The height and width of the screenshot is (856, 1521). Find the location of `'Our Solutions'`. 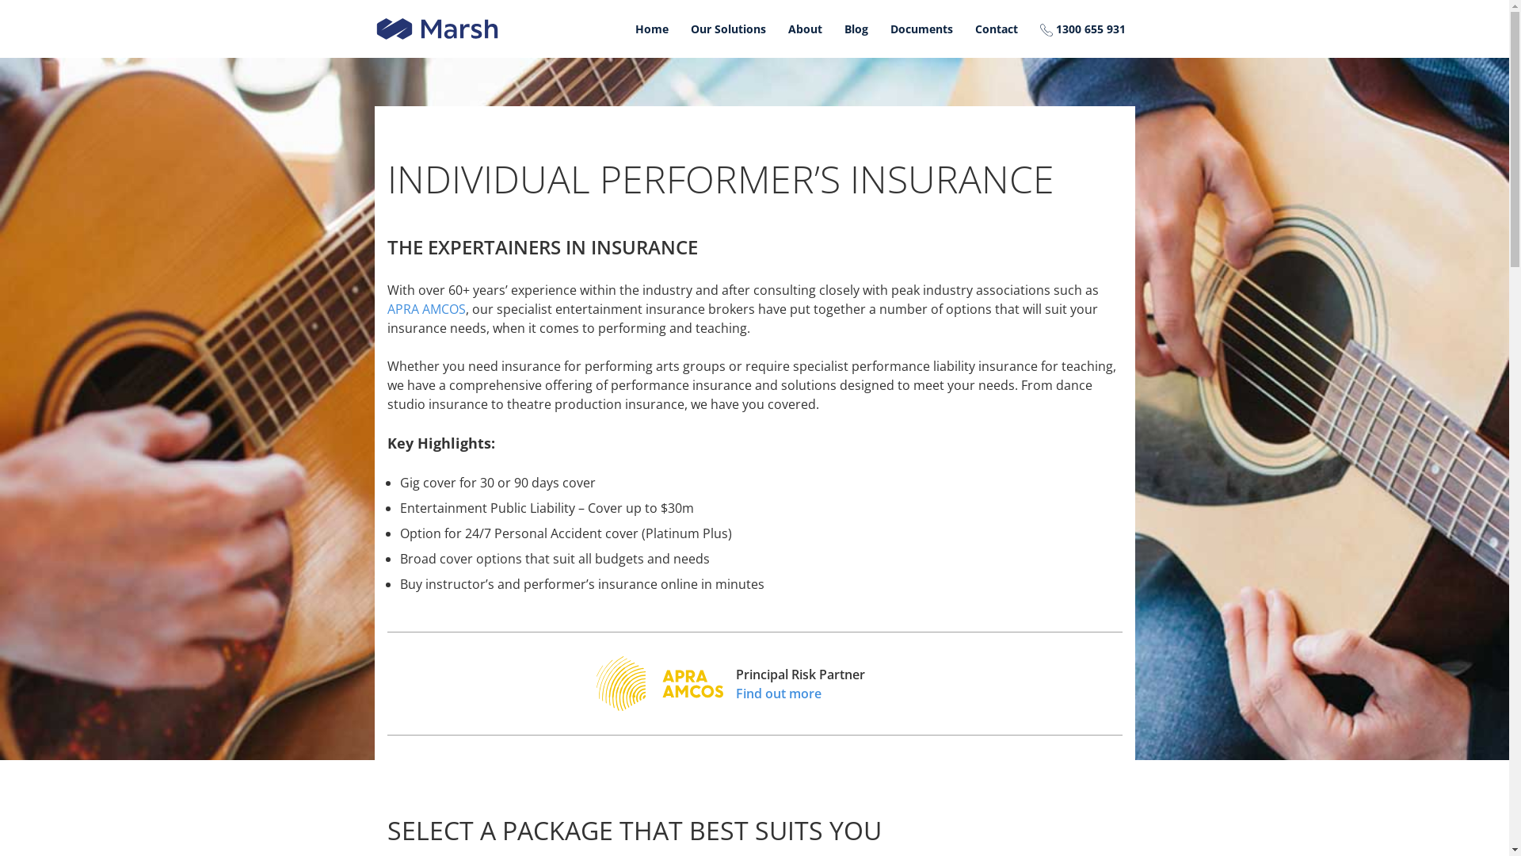

'Our Solutions' is located at coordinates (727, 29).